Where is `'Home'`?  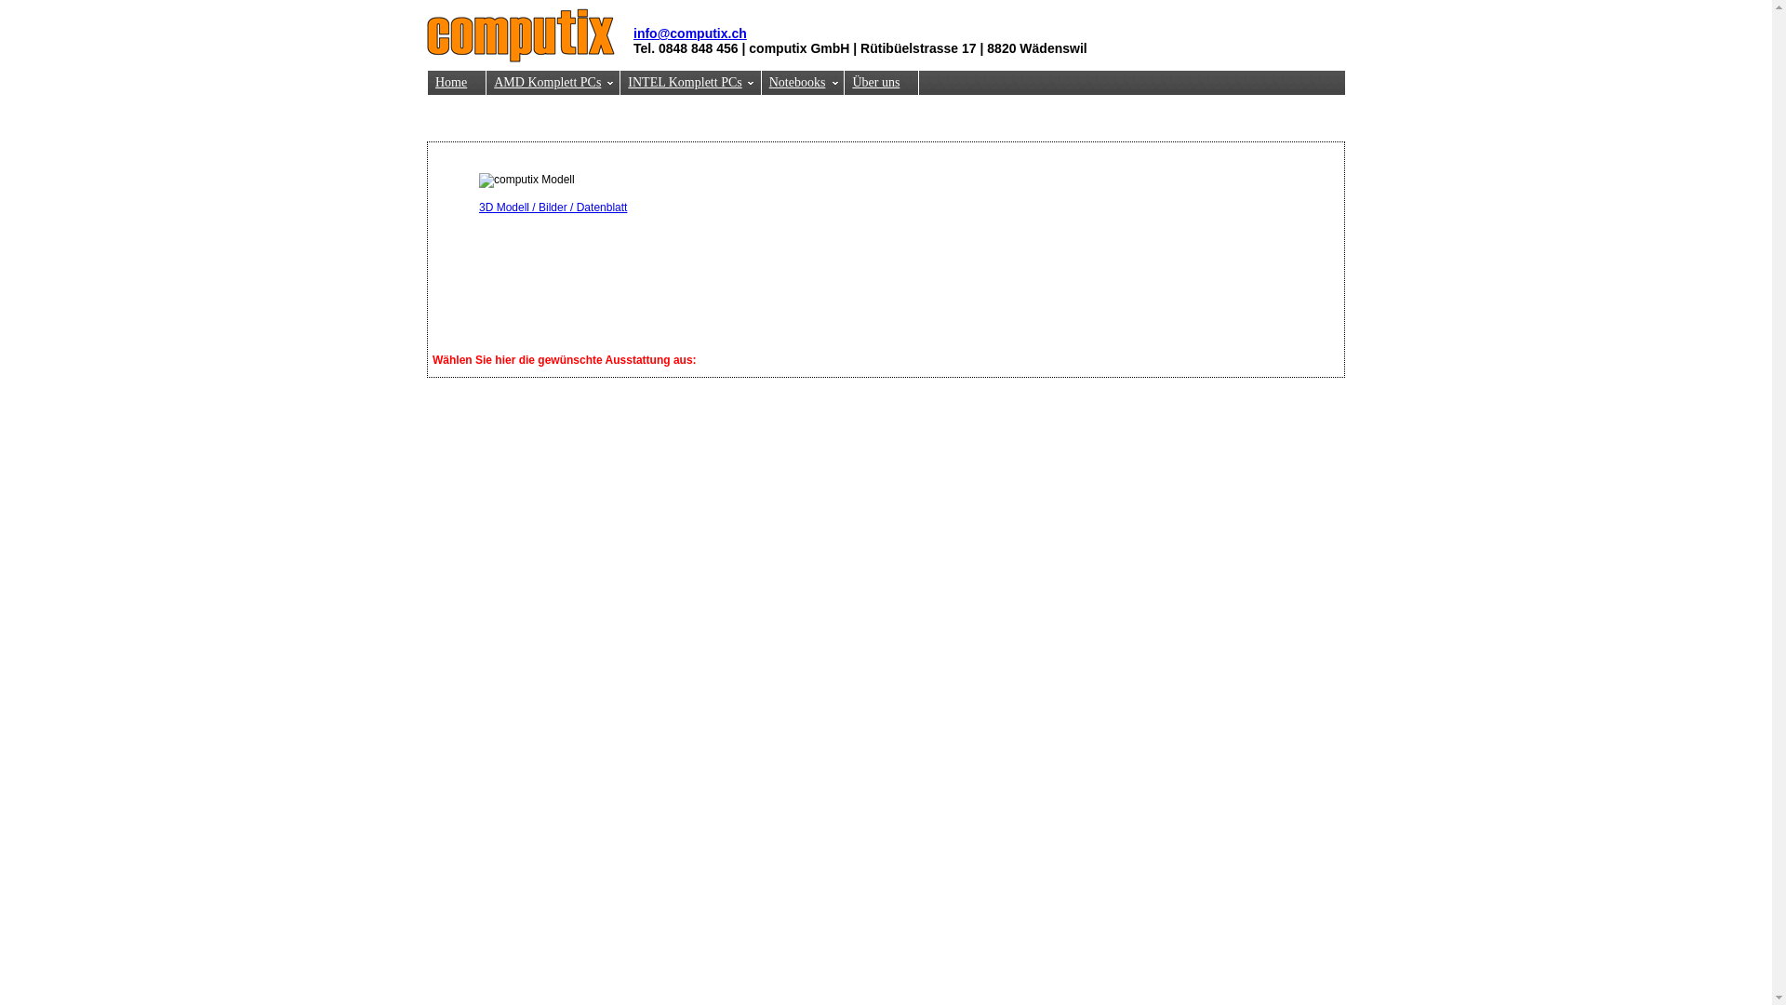
'Home' is located at coordinates (457, 81).